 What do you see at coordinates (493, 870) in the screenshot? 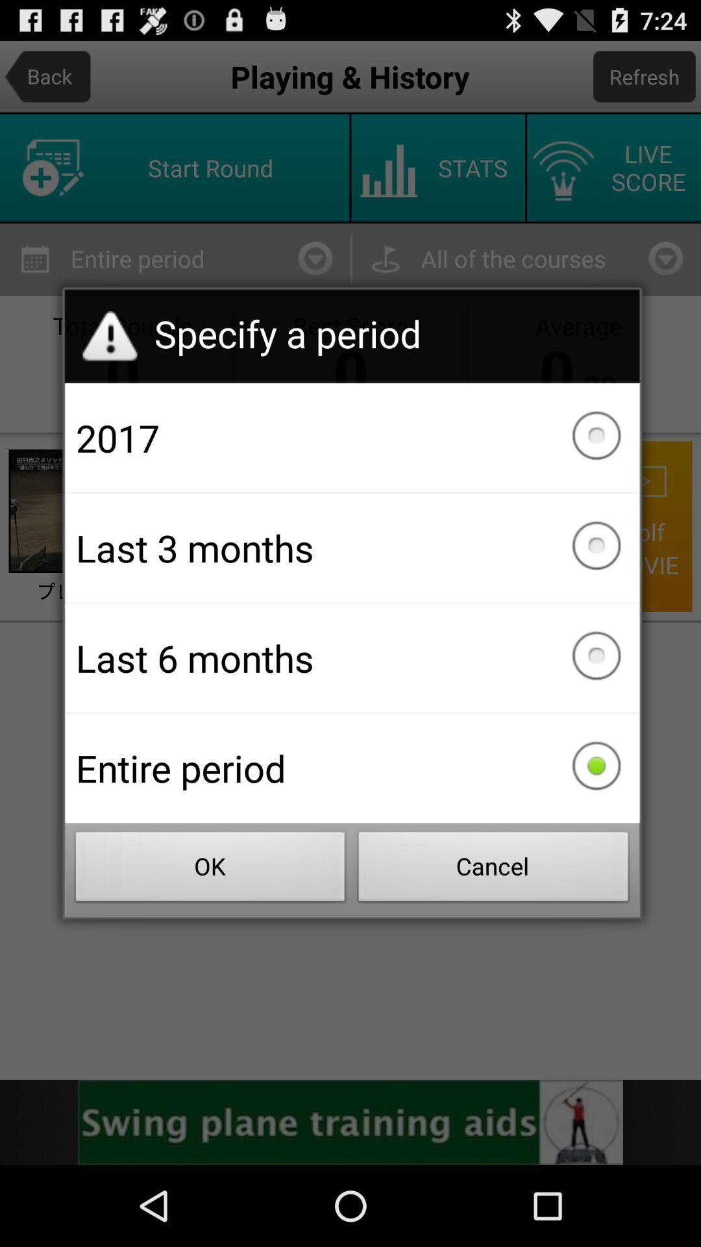
I see `the cancel` at bounding box center [493, 870].